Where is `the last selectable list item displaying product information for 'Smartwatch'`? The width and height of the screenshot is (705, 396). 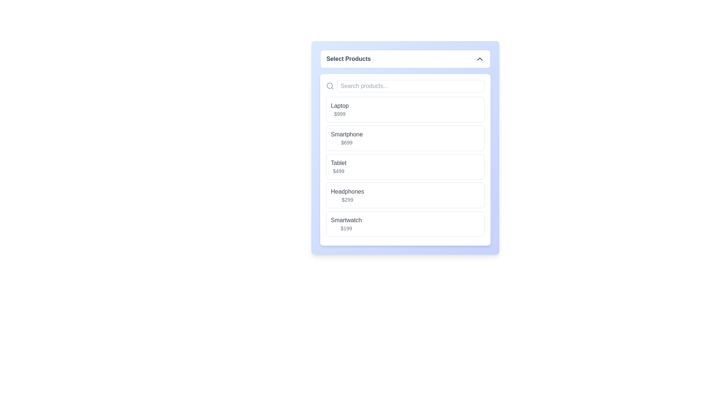
the last selectable list item displaying product information for 'Smartwatch' is located at coordinates (405, 223).